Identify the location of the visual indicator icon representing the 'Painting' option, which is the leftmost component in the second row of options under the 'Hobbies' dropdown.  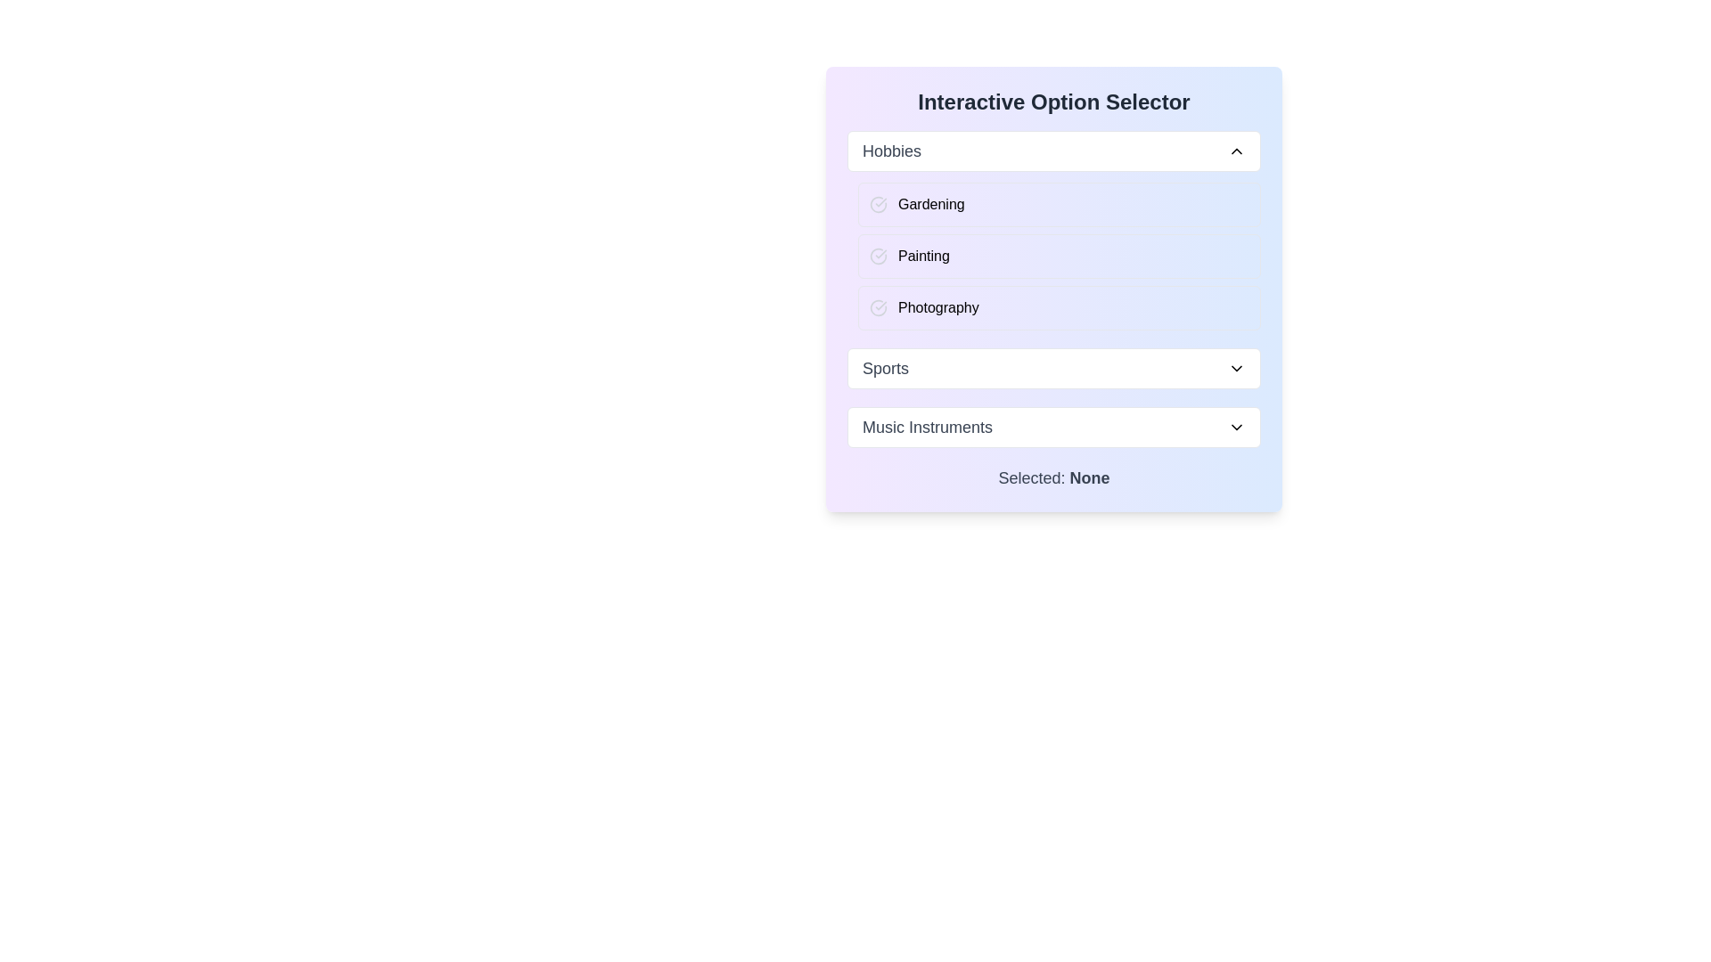
(878, 257).